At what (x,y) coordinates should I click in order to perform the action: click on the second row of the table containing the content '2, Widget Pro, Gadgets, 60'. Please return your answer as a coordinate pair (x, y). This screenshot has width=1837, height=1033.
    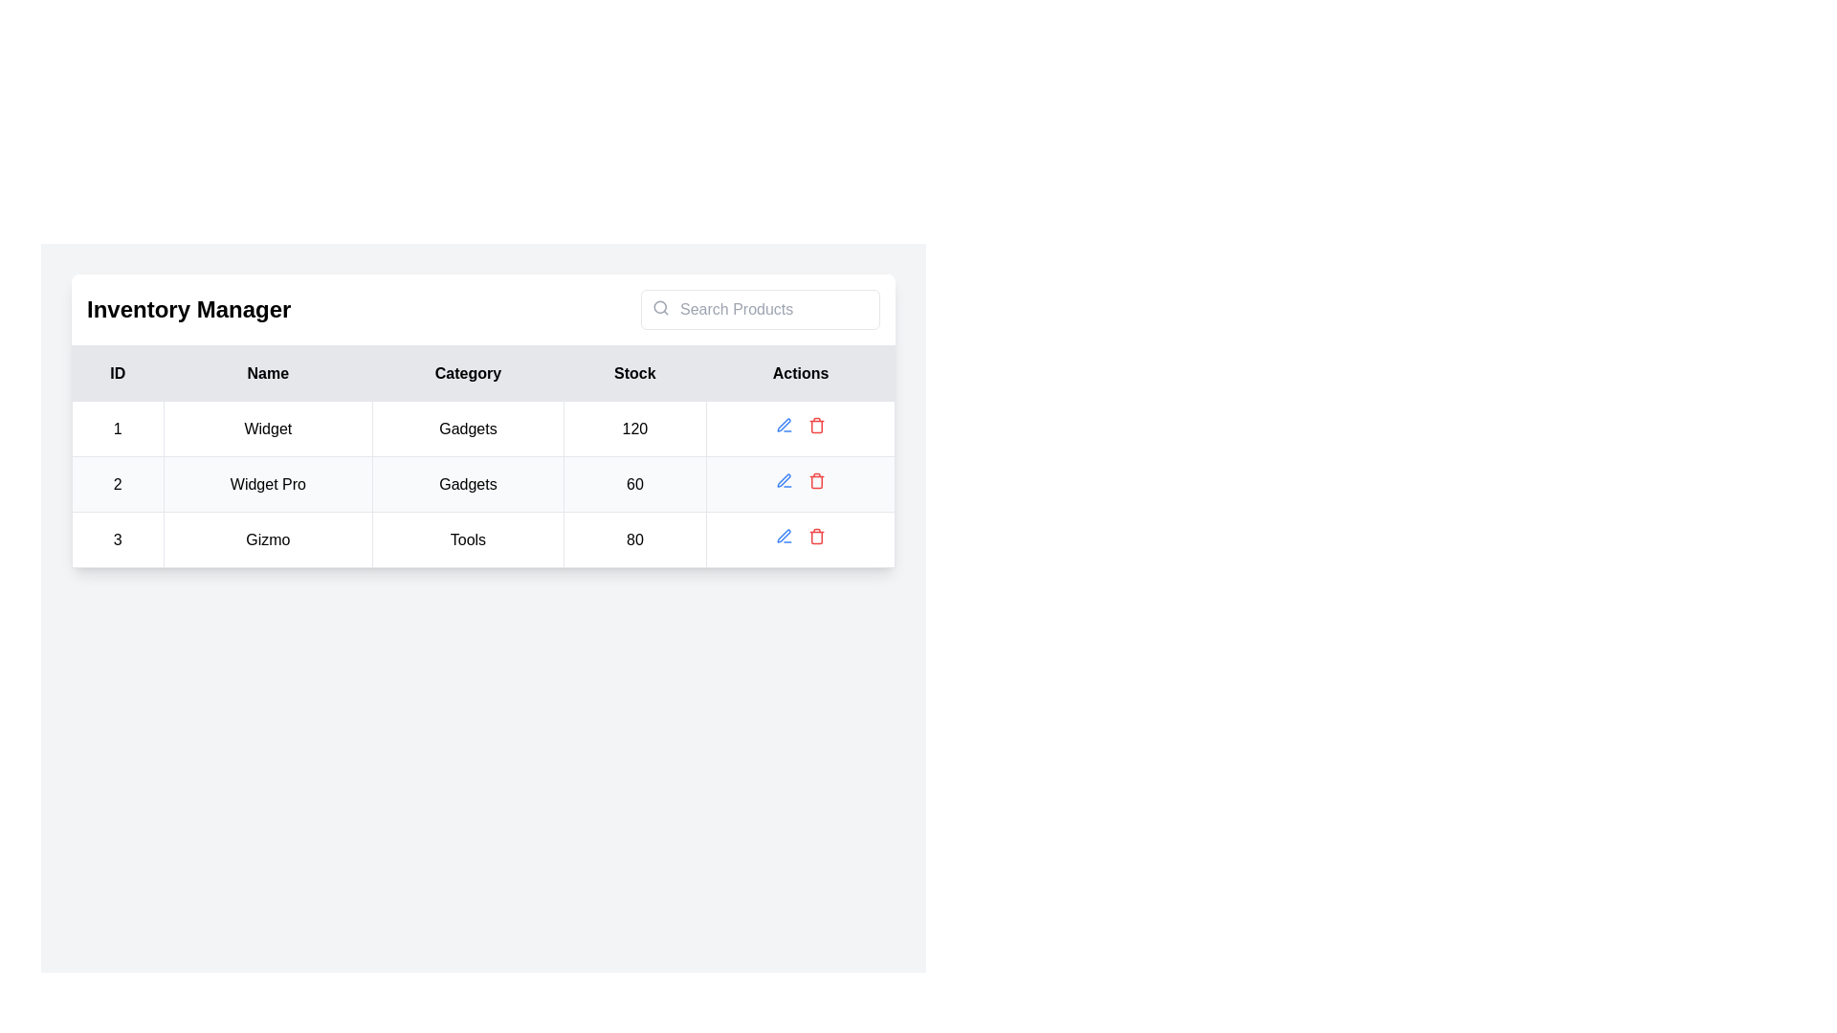
    Looking at the image, I should click on (483, 483).